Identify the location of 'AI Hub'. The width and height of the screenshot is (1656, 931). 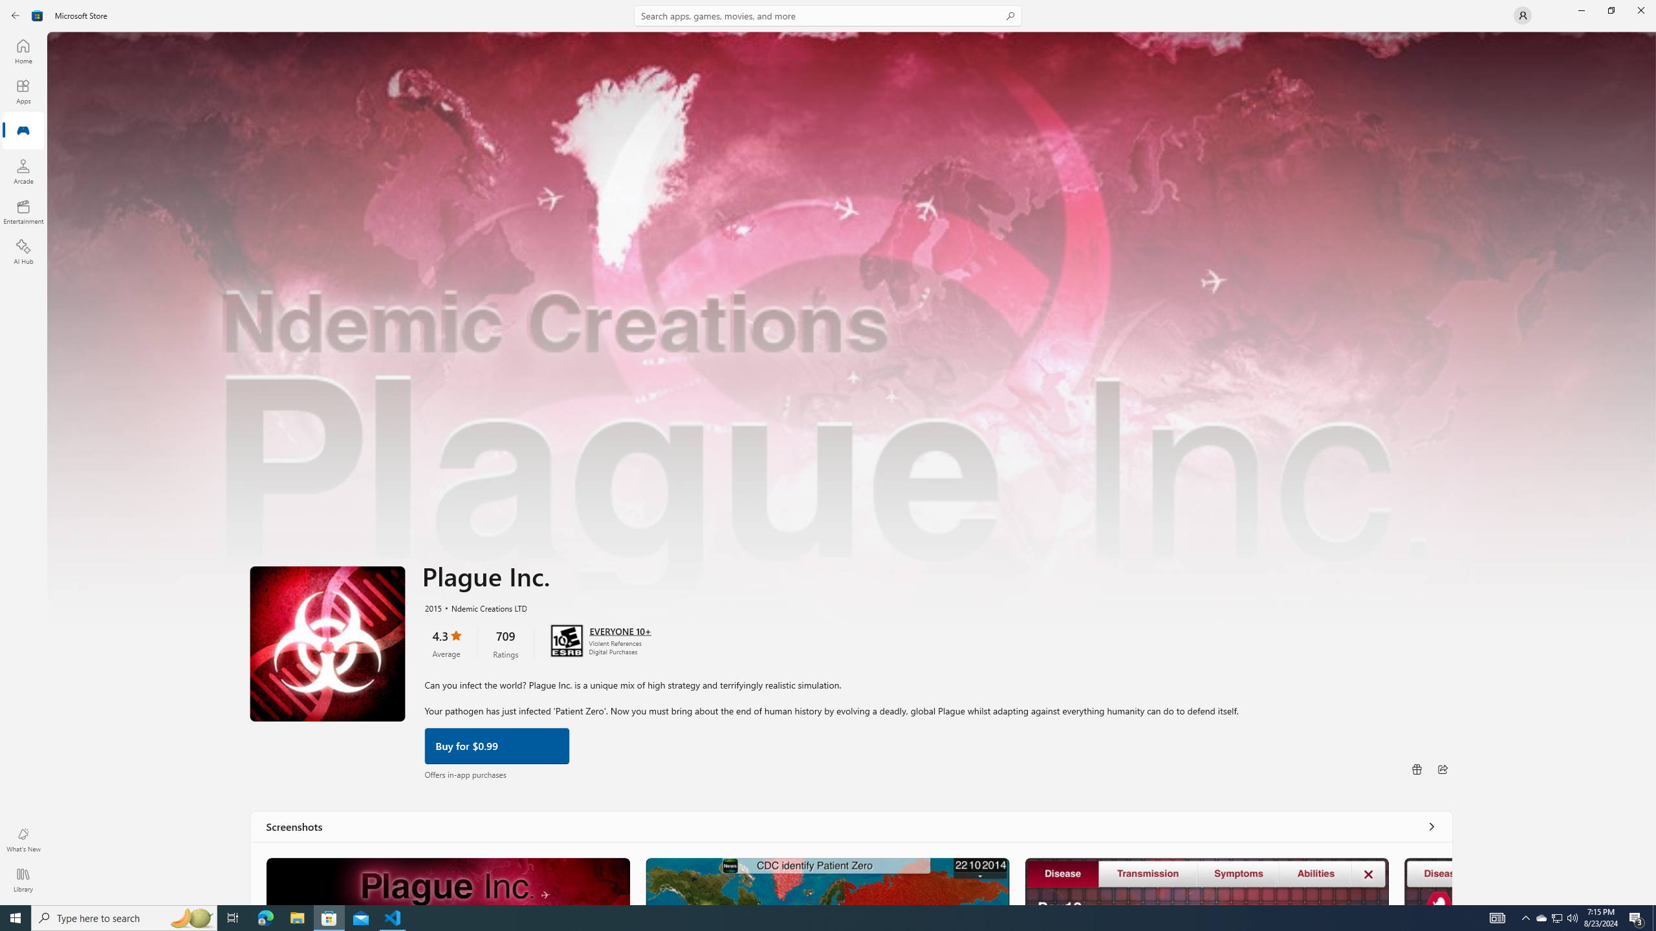
(22, 251).